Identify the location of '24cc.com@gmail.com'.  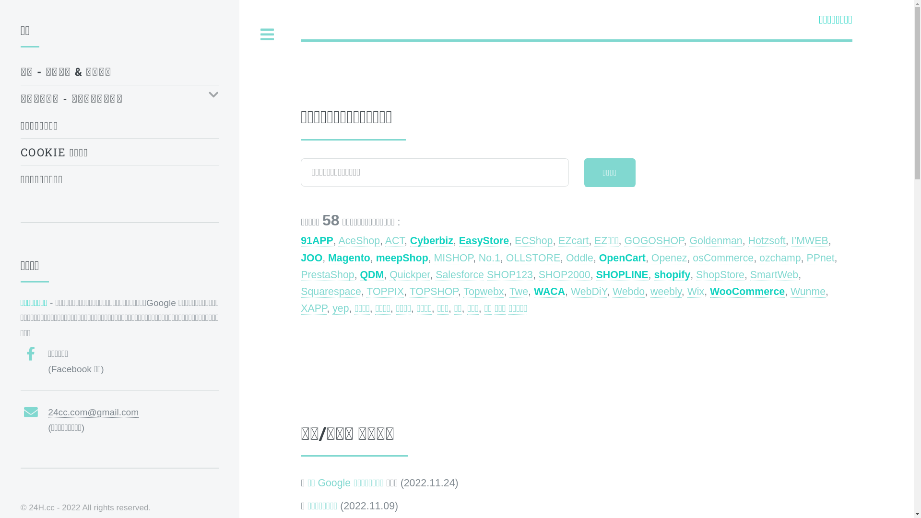
(93, 412).